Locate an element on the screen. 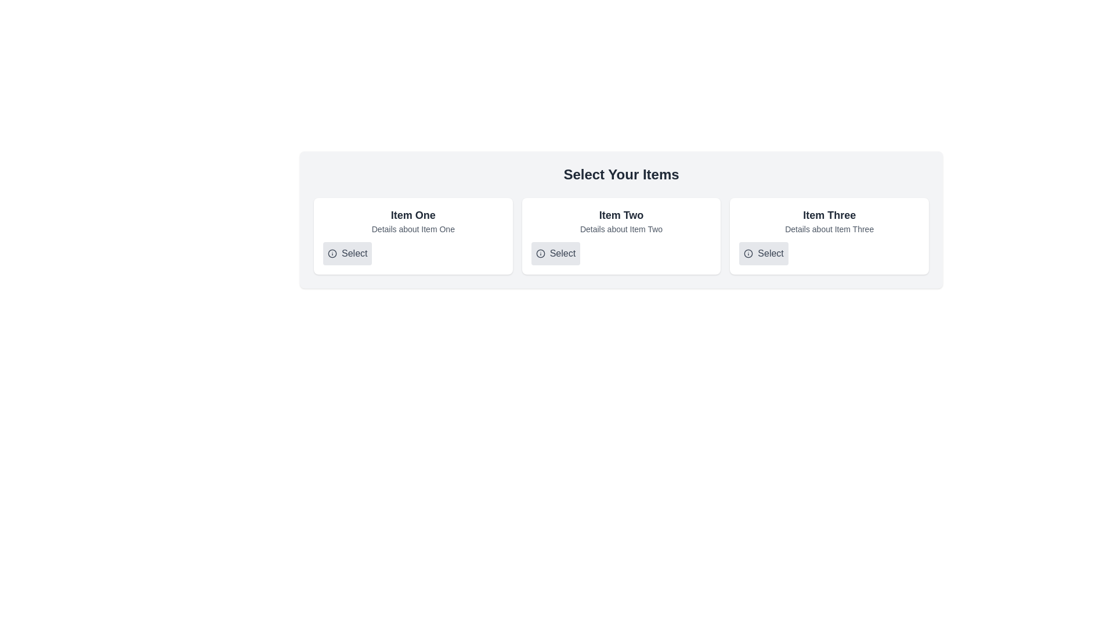  text displayed in bold font 'Item One' located at the top of the first card in a set of three cards is located at coordinates (413, 215).